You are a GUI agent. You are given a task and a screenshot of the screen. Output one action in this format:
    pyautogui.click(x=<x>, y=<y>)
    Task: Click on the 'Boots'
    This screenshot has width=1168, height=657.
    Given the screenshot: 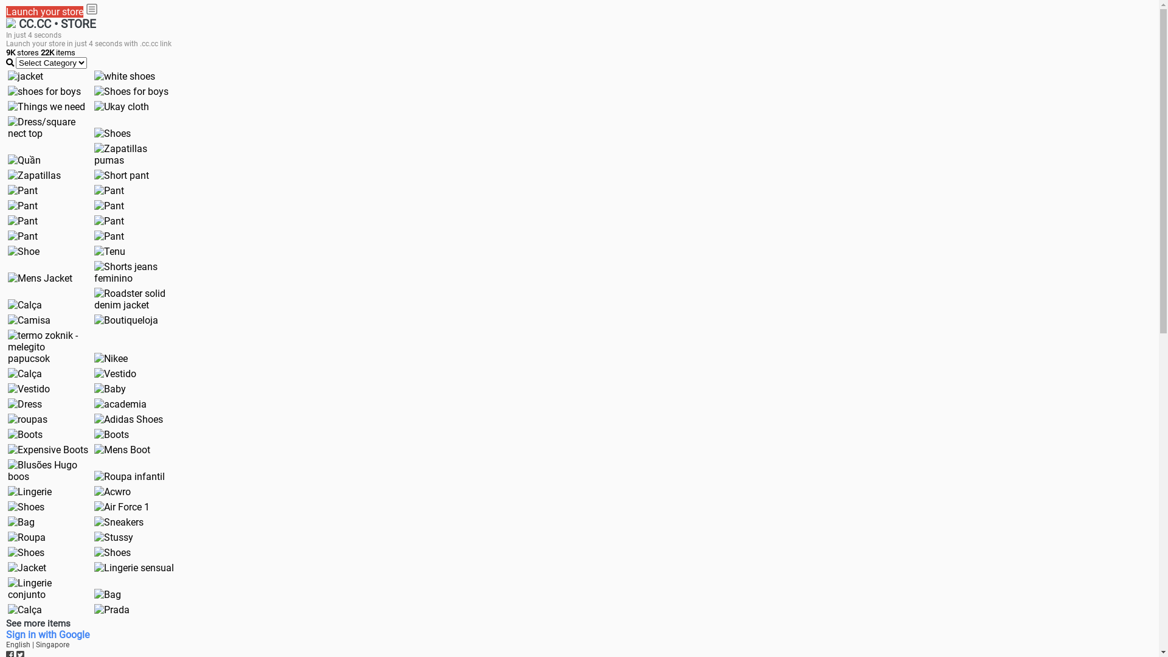 What is the action you would take?
    pyautogui.click(x=8, y=434)
    